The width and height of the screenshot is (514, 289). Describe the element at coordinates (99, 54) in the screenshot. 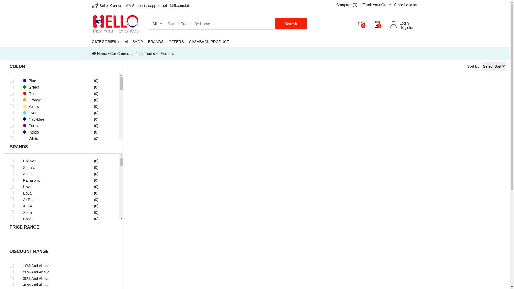

I see `'Home'` at that location.